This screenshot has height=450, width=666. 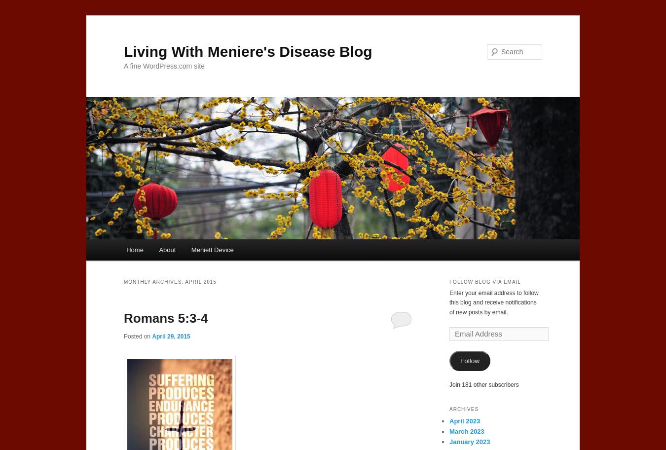 I want to click on 'Posted on', so click(x=137, y=335).